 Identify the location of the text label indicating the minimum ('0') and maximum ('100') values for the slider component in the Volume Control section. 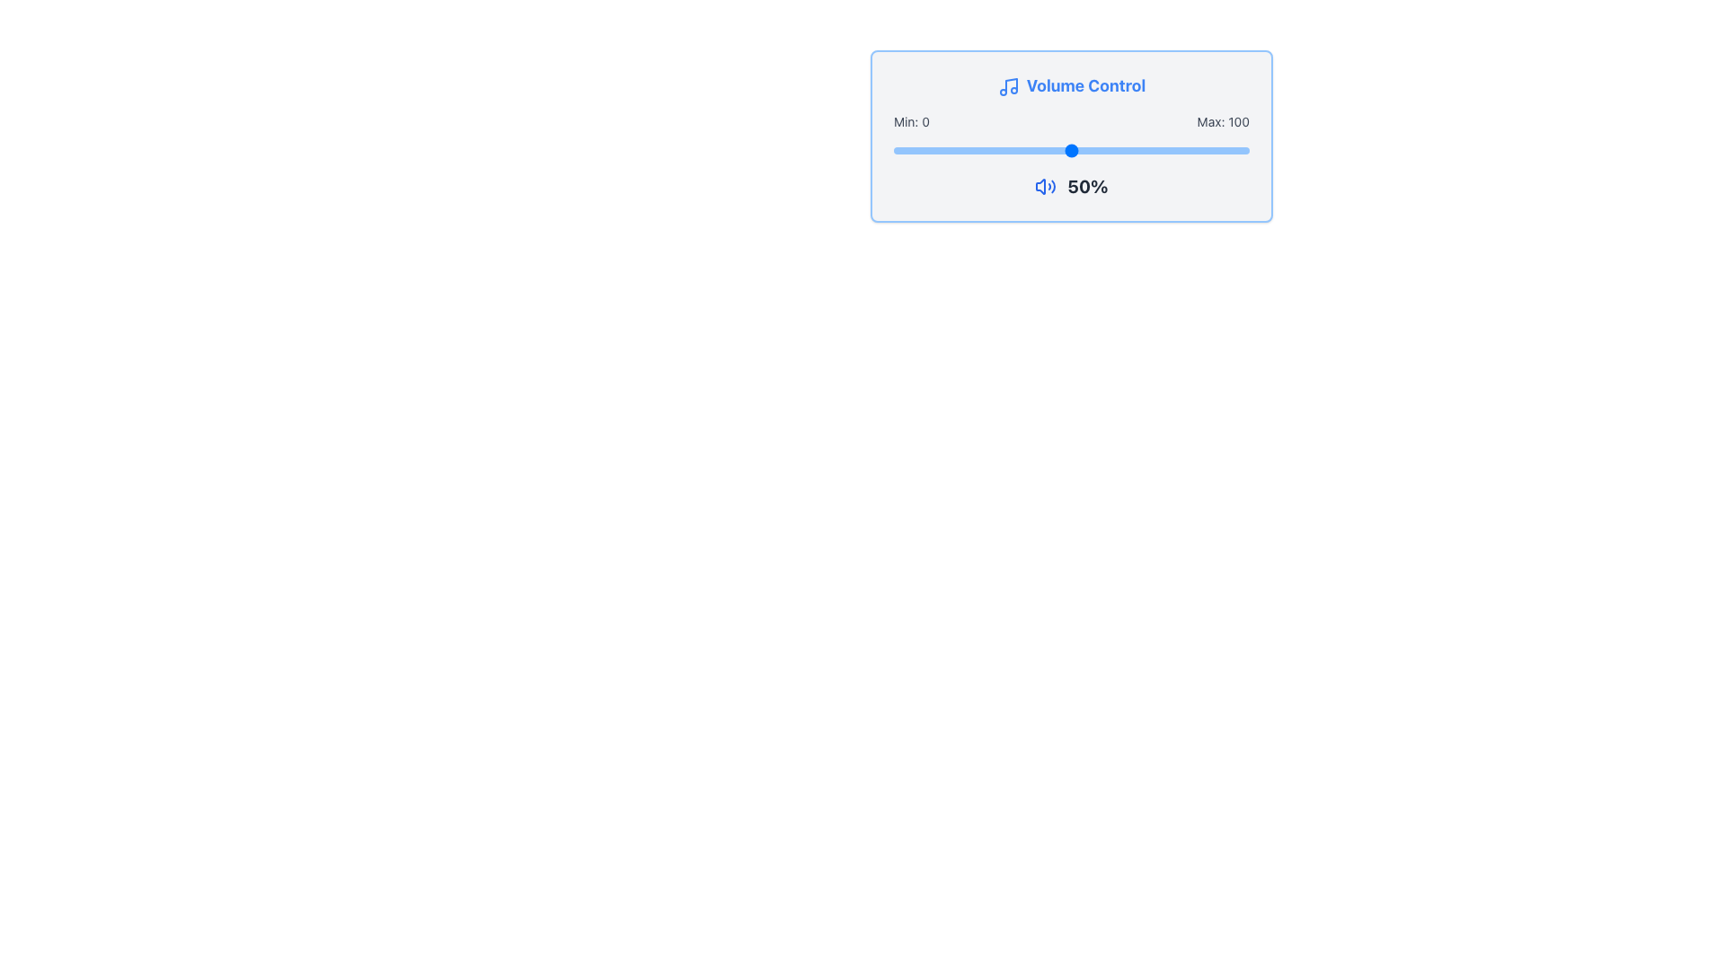
(1072, 121).